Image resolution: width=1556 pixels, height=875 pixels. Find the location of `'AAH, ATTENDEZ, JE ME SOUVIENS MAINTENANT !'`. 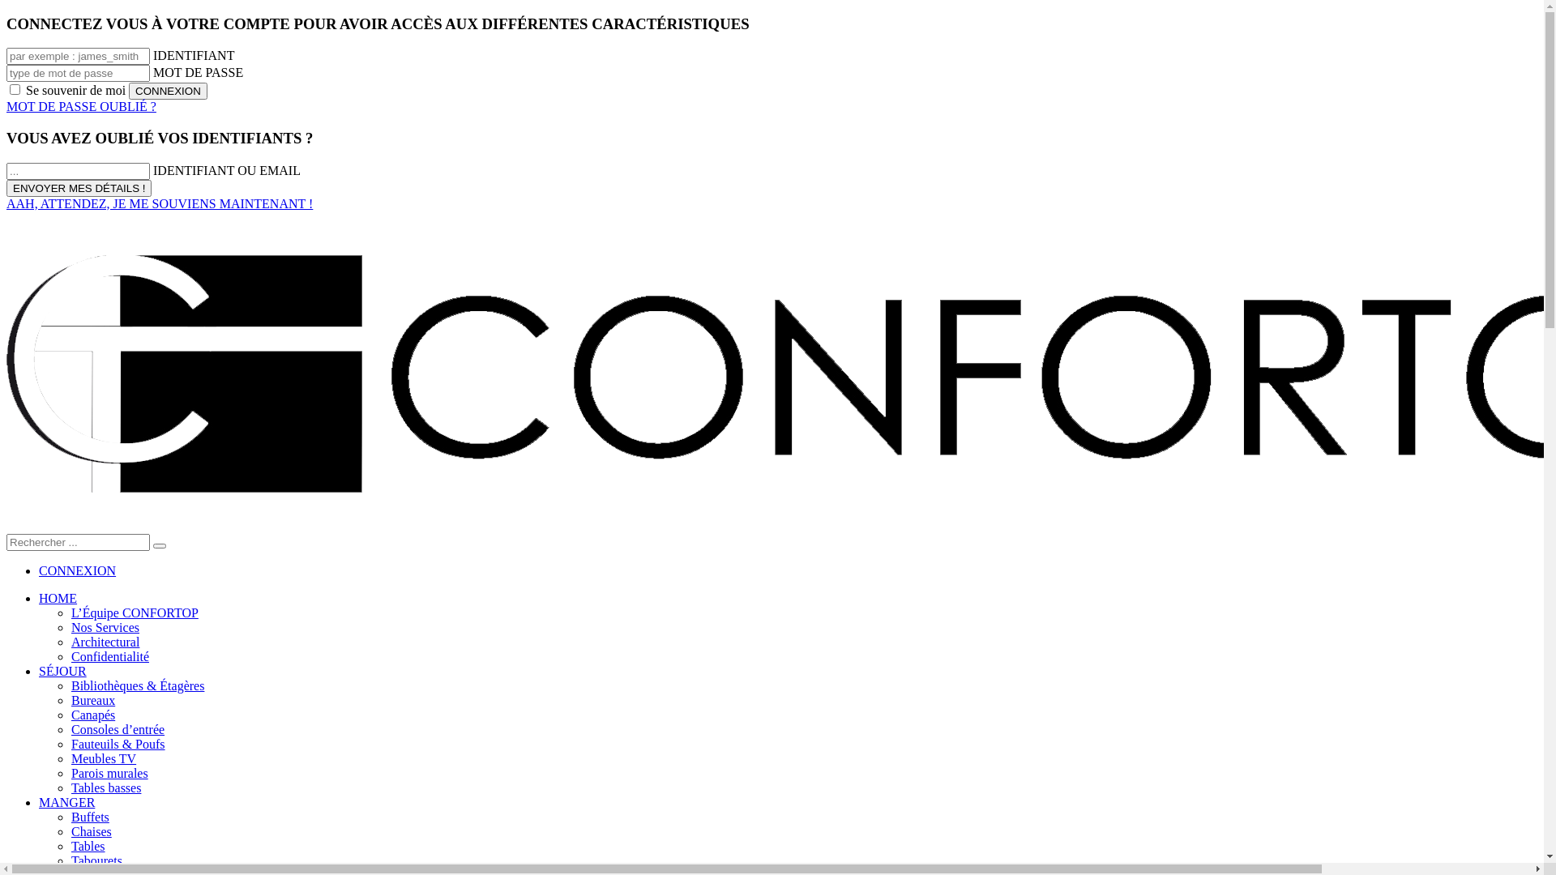

'AAH, ATTENDEZ, JE ME SOUVIENS MAINTENANT !' is located at coordinates (159, 203).